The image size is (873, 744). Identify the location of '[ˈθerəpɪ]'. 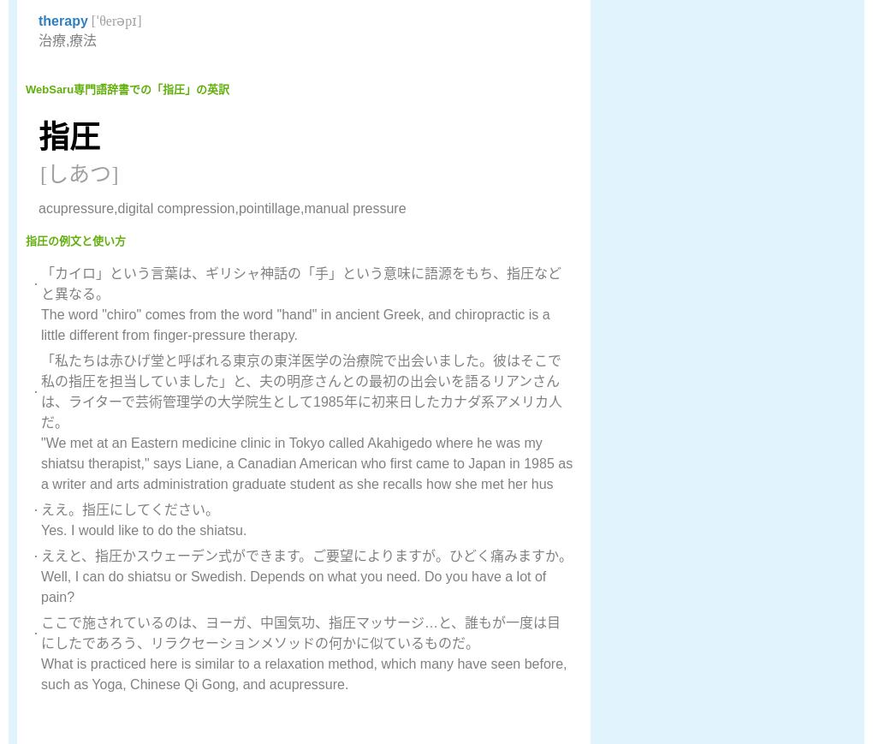
(114, 20).